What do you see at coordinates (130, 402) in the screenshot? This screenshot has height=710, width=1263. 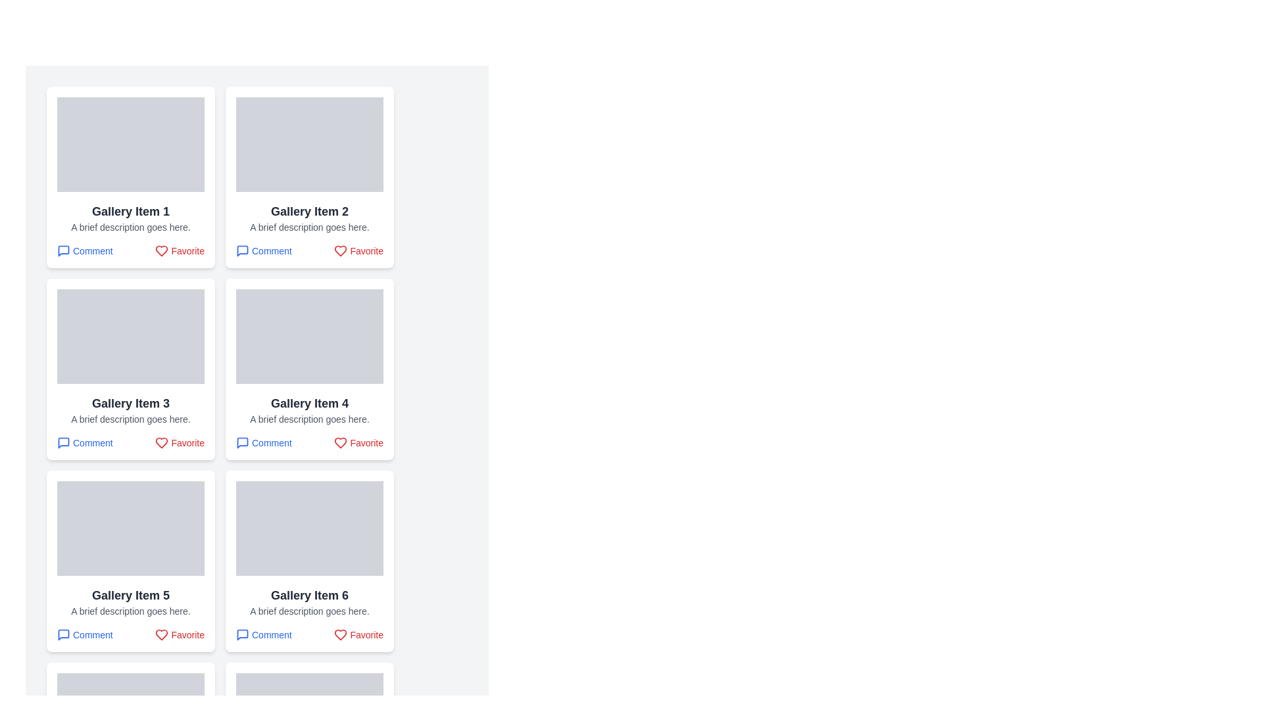 I see `text label that says 'Gallery Item 3', which is styled in bold, large font and located below an image placeholder in the card layout` at bounding box center [130, 402].